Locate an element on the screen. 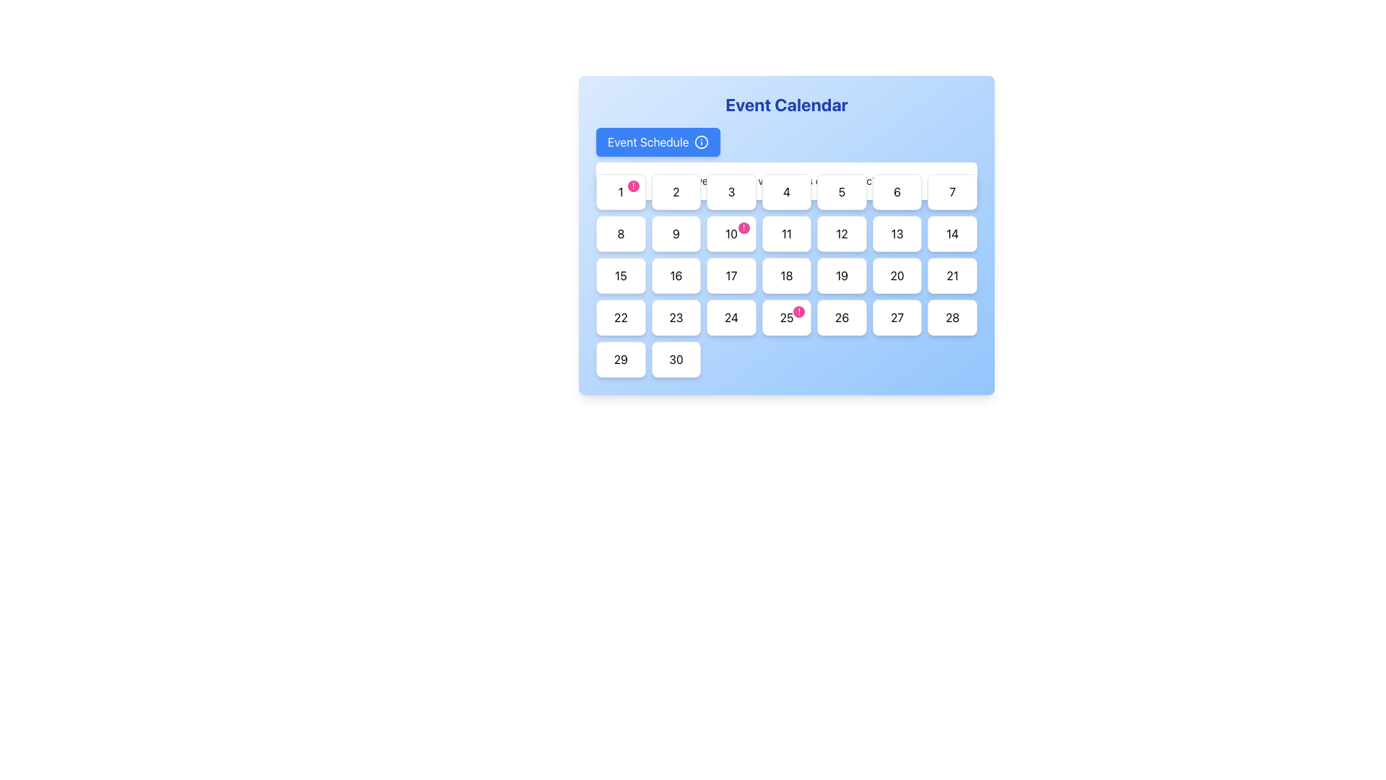 The width and height of the screenshot is (1386, 780). the Calendar Day Cell representing the number '3', which is the third cell from the left in the top row of the calendar grid is located at coordinates (731, 191).